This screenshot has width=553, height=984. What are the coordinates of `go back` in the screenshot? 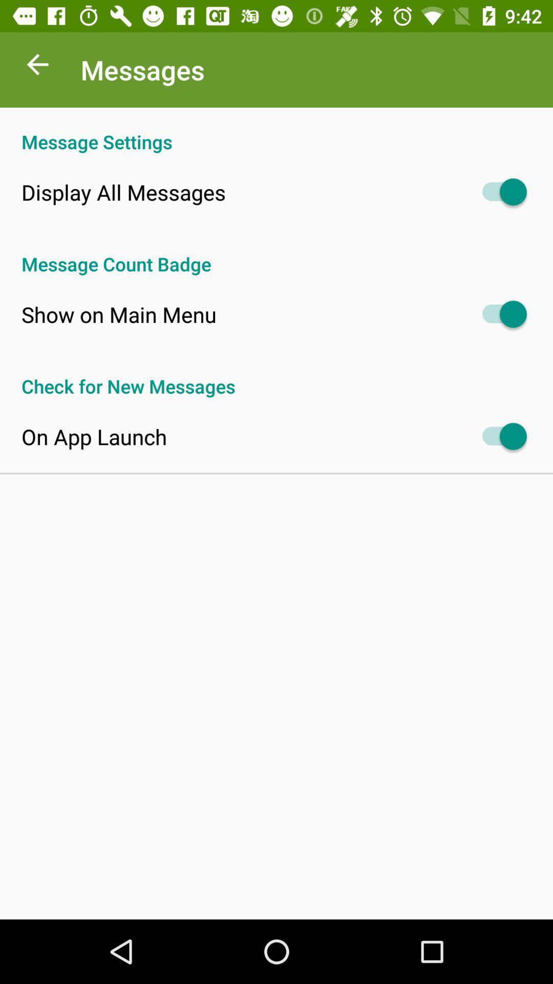 It's located at (37, 67).